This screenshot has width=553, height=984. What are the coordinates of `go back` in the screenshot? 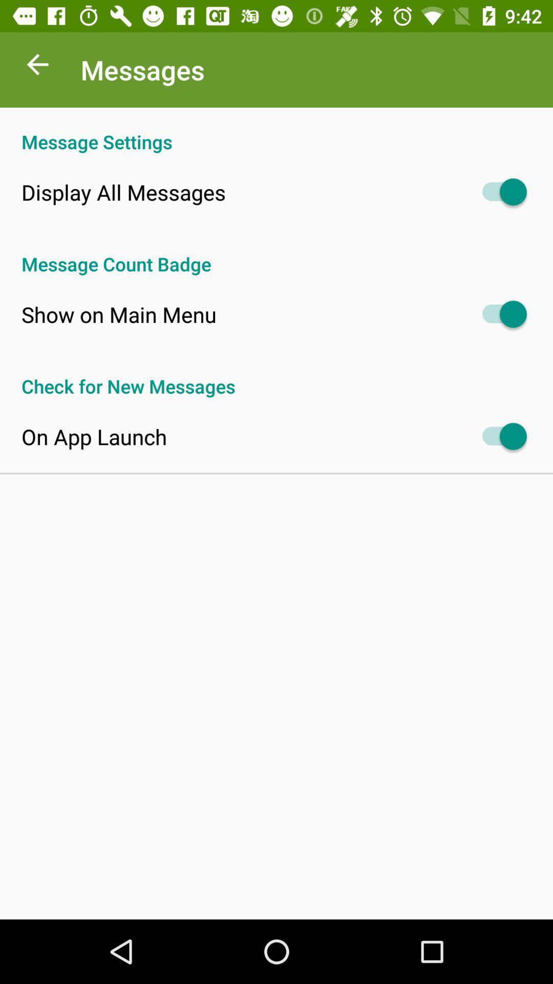 It's located at (37, 67).